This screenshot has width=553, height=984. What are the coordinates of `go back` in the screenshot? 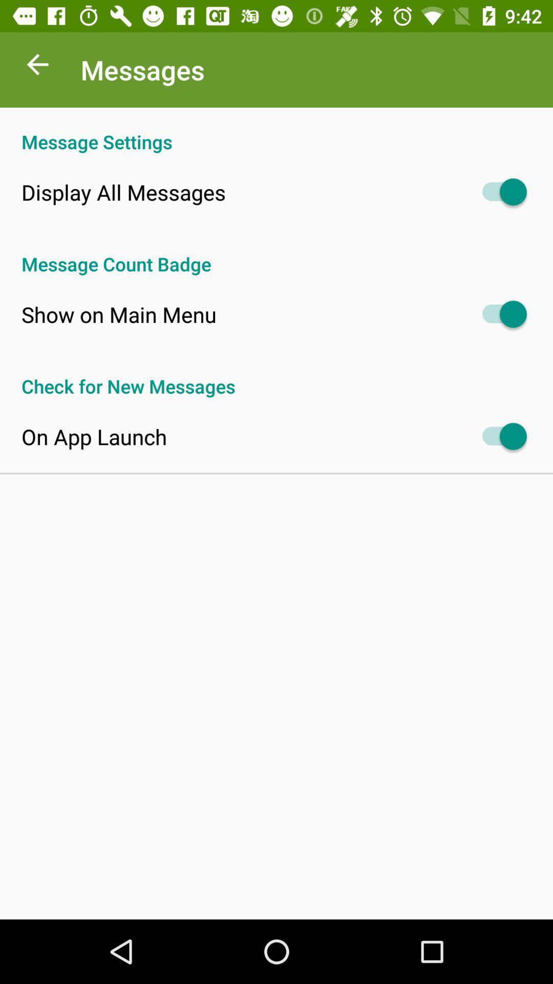 It's located at (37, 67).